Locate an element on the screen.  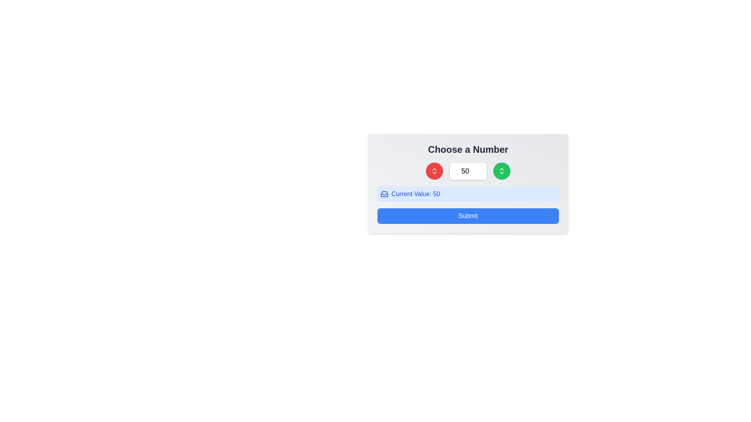
the 'Submit' button, which is a horizontally laid button with a blue background and white text, located below the 'Current Value: 50' label is located at coordinates (468, 216).